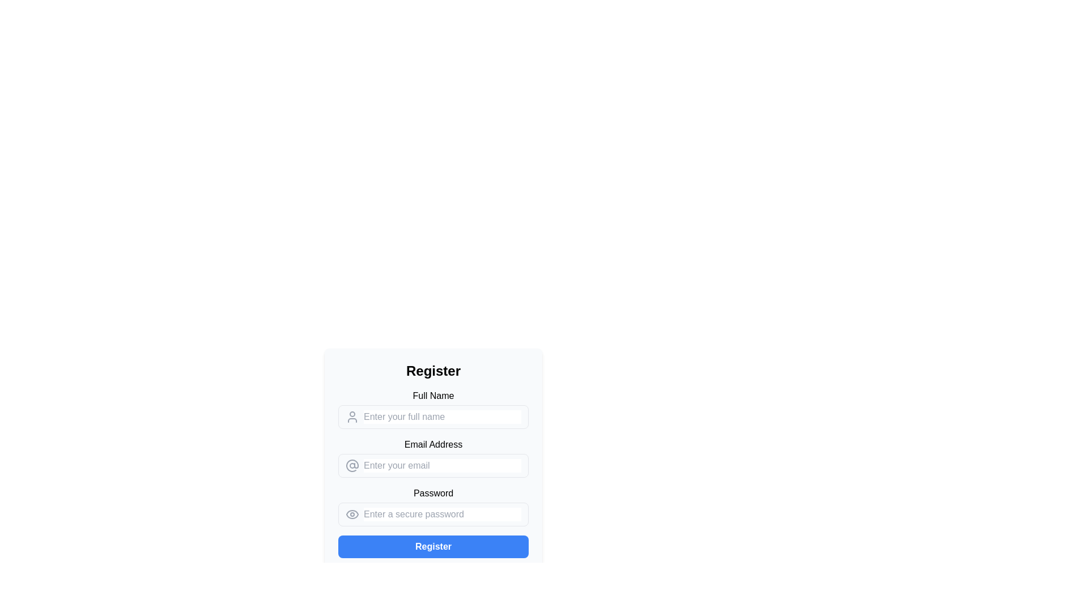 The width and height of the screenshot is (1088, 612). What do you see at coordinates (432, 417) in the screenshot?
I see `into the text input field for 'Full Name' to focus on it for user registration` at bounding box center [432, 417].